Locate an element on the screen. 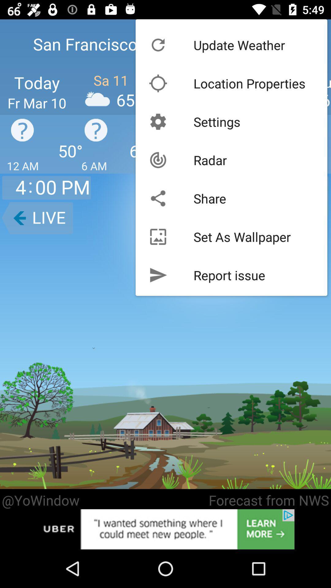 The image size is (331, 588). set as wallpaper item is located at coordinates (242, 236).